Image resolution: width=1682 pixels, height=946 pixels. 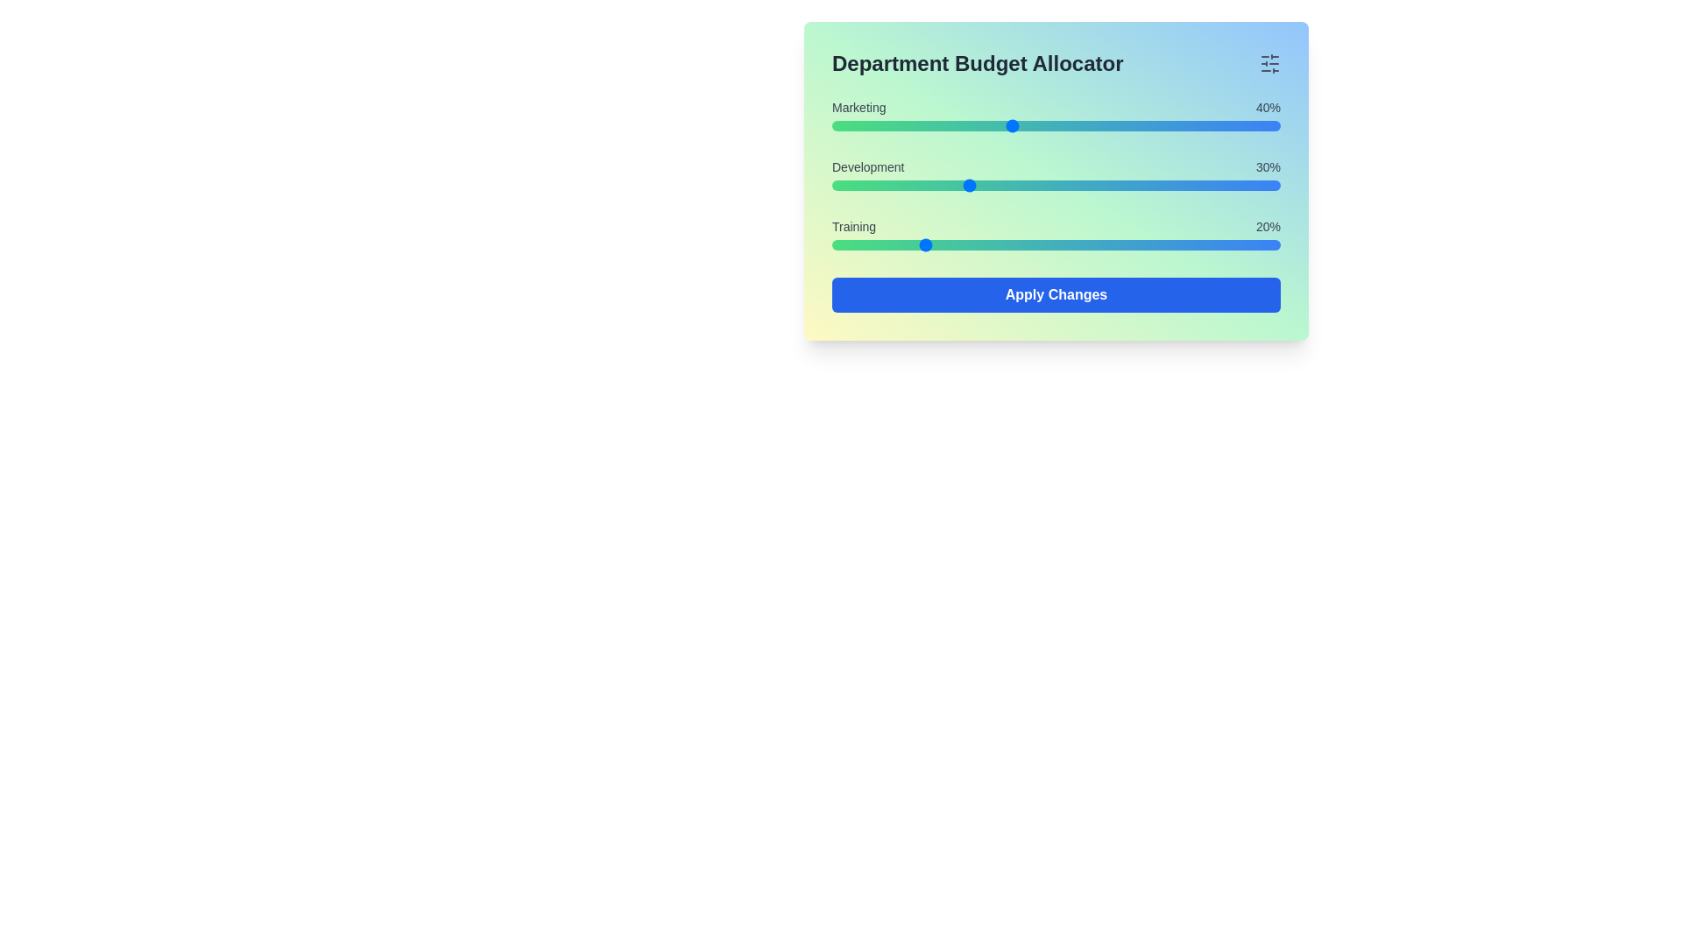 I want to click on the Training budget slider to 24%, so click(x=938, y=245).